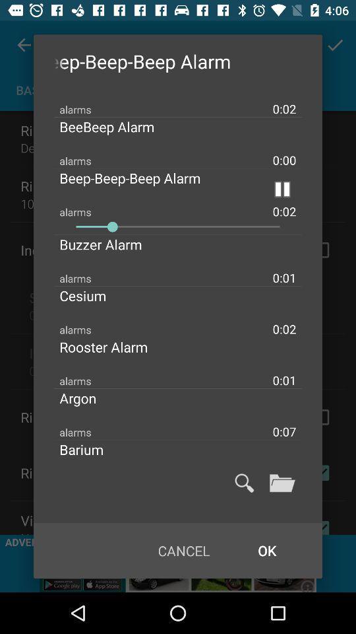  Describe the element at coordinates (282, 482) in the screenshot. I see `folder` at that location.